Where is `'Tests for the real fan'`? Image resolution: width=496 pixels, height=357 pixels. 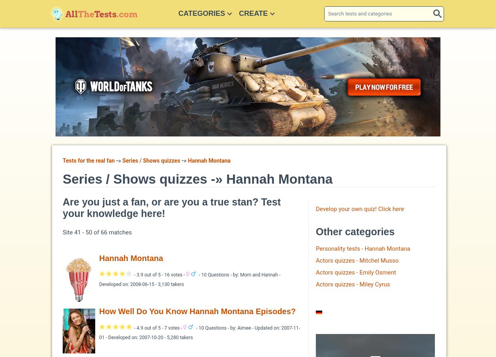
'Tests for the real fan' is located at coordinates (63, 161).